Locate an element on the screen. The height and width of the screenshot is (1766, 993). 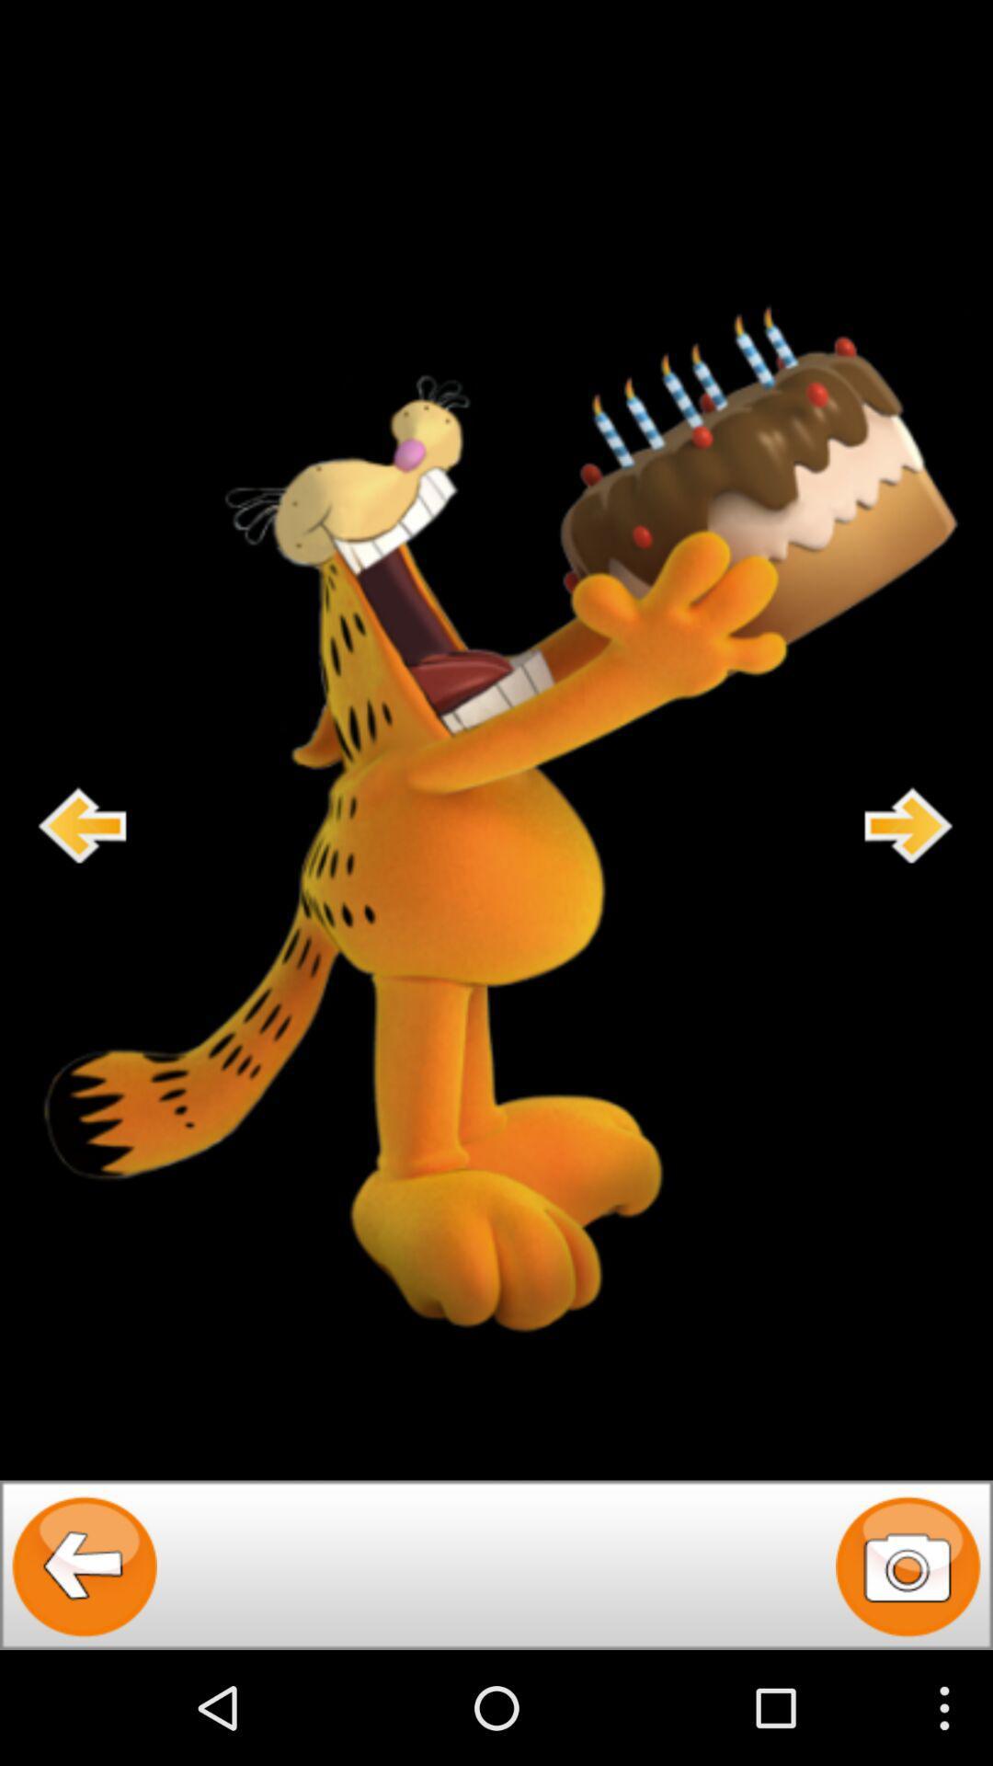
the arrow_backward icon is located at coordinates (83, 883).